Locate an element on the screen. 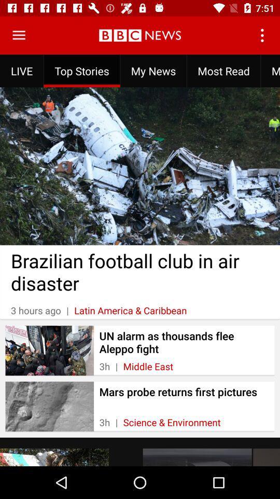  menu bar is located at coordinates (19, 35).